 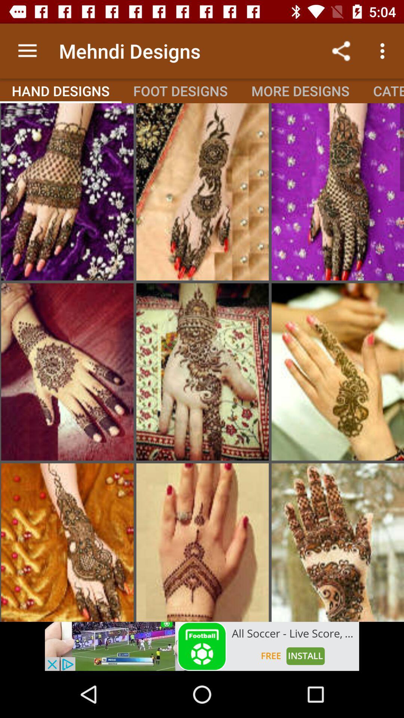 I want to click on that photo, so click(x=67, y=192).